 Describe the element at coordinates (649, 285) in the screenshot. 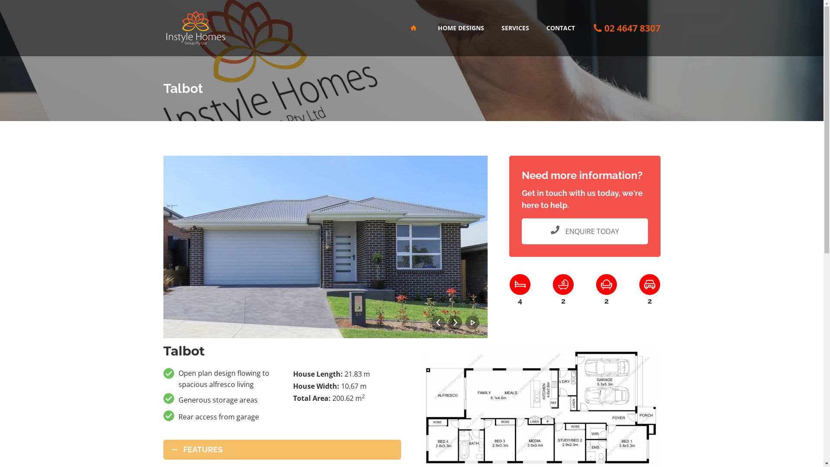

I see `'Cars'` at that location.